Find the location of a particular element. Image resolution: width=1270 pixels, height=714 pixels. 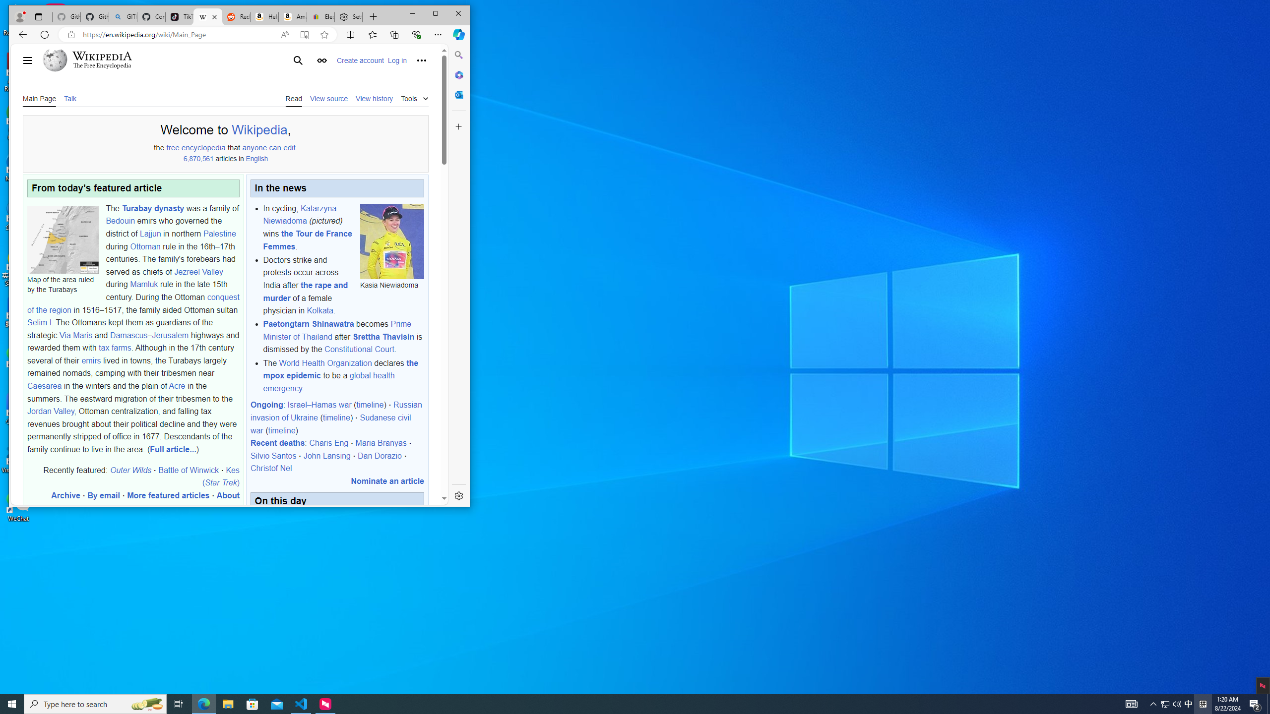

'Sudanese civil war (timeline)' is located at coordinates (330, 423).